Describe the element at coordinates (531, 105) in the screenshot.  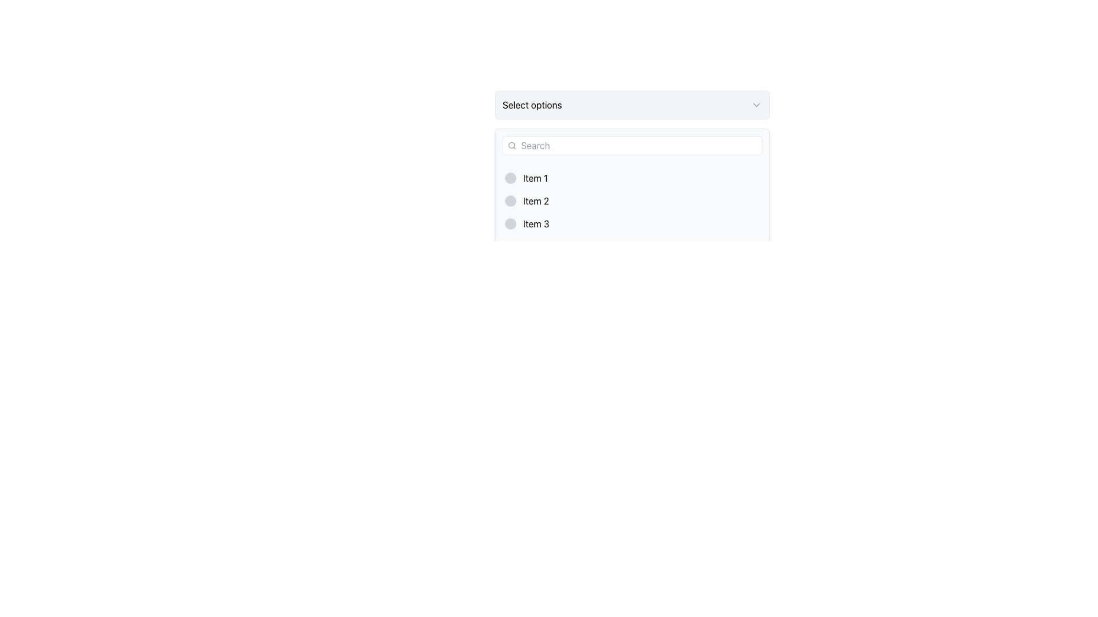
I see `the text label displaying 'Select options' in the dropdown menu header located at the top-left section` at that location.